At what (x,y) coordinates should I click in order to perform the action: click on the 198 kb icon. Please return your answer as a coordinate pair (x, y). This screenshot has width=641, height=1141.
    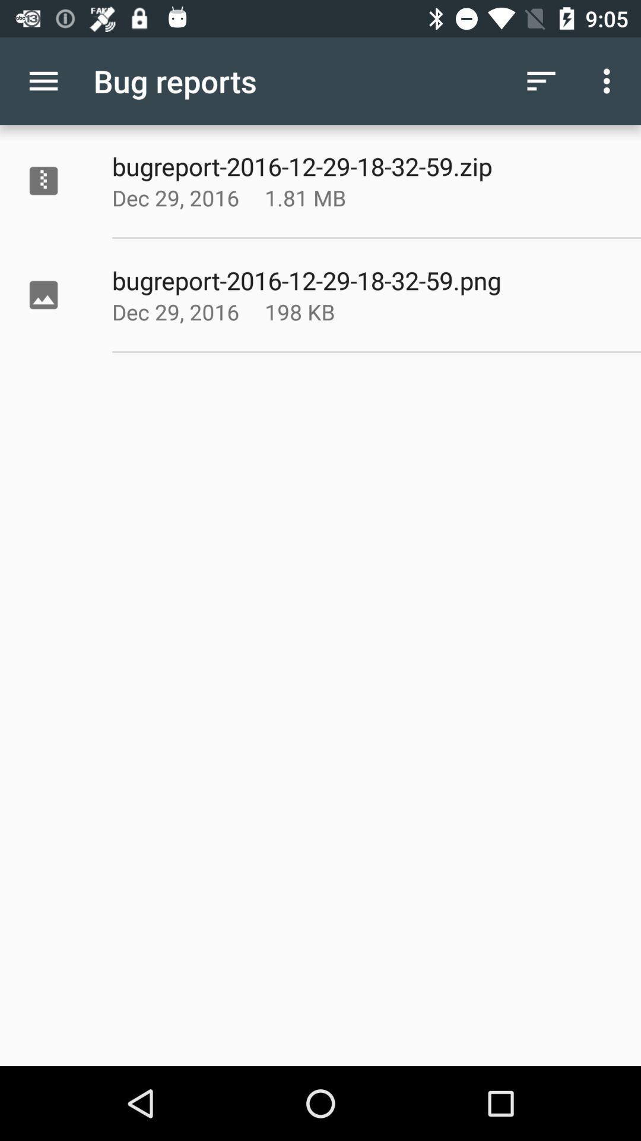
    Looking at the image, I should click on (335, 311).